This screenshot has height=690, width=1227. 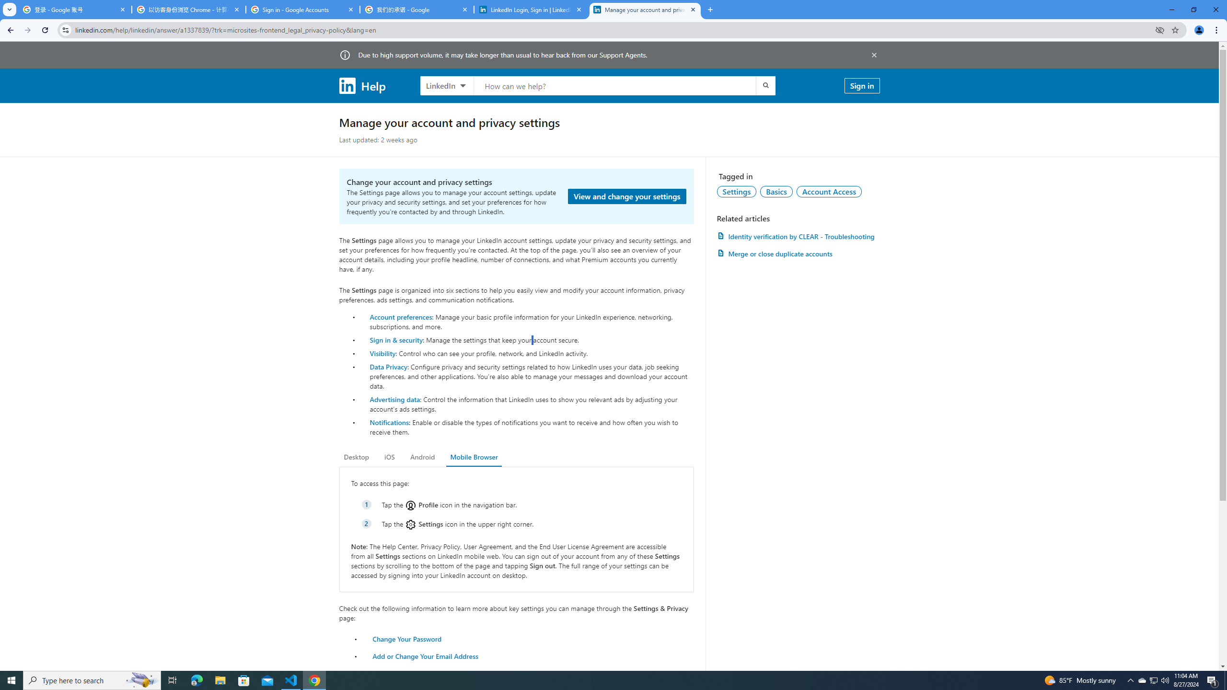 I want to click on 'AutomationID: topic-link-a51', so click(x=776, y=191).